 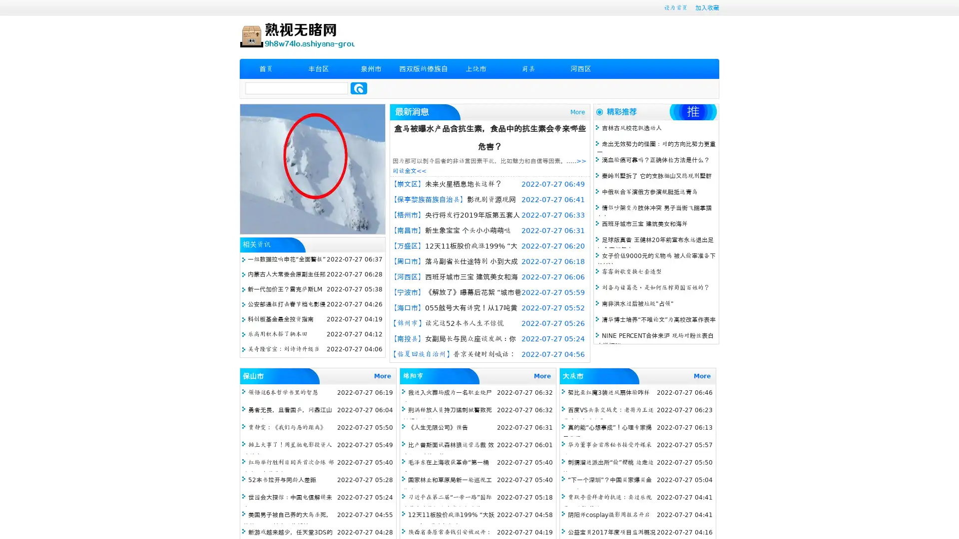 What do you see at coordinates (359, 88) in the screenshot?
I see `Search` at bounding box center [359, 88].